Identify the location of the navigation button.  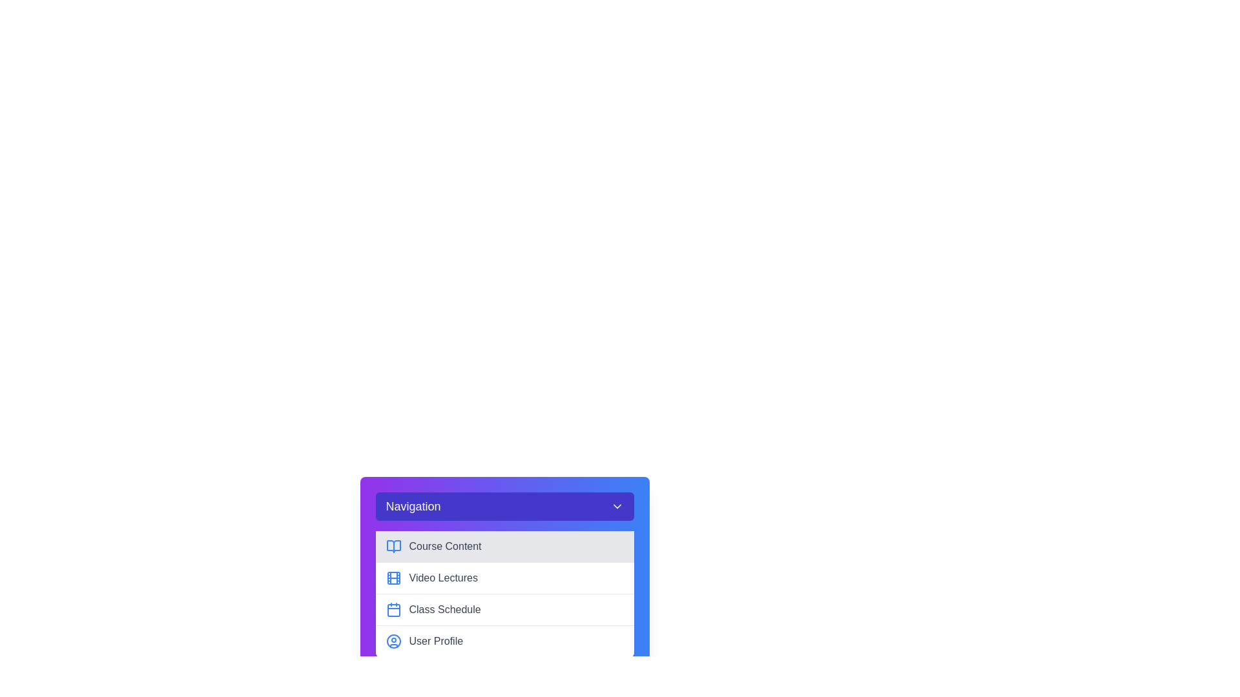
(504, 547).